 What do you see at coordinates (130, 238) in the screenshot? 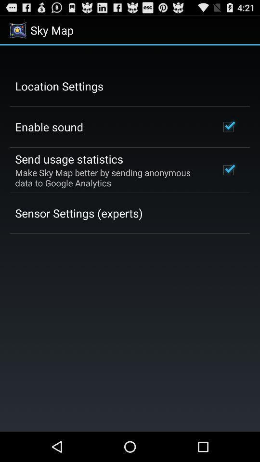
I see `setting page` at bounding box center [130, 238].